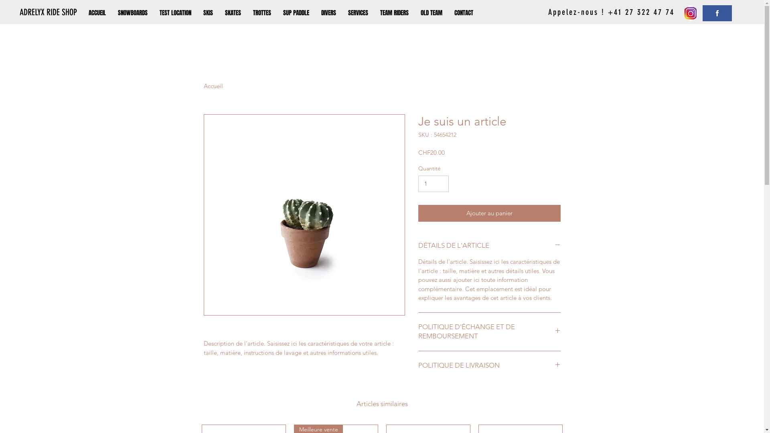  I want to click on 'TEST LOCATION', so click(154, 12).